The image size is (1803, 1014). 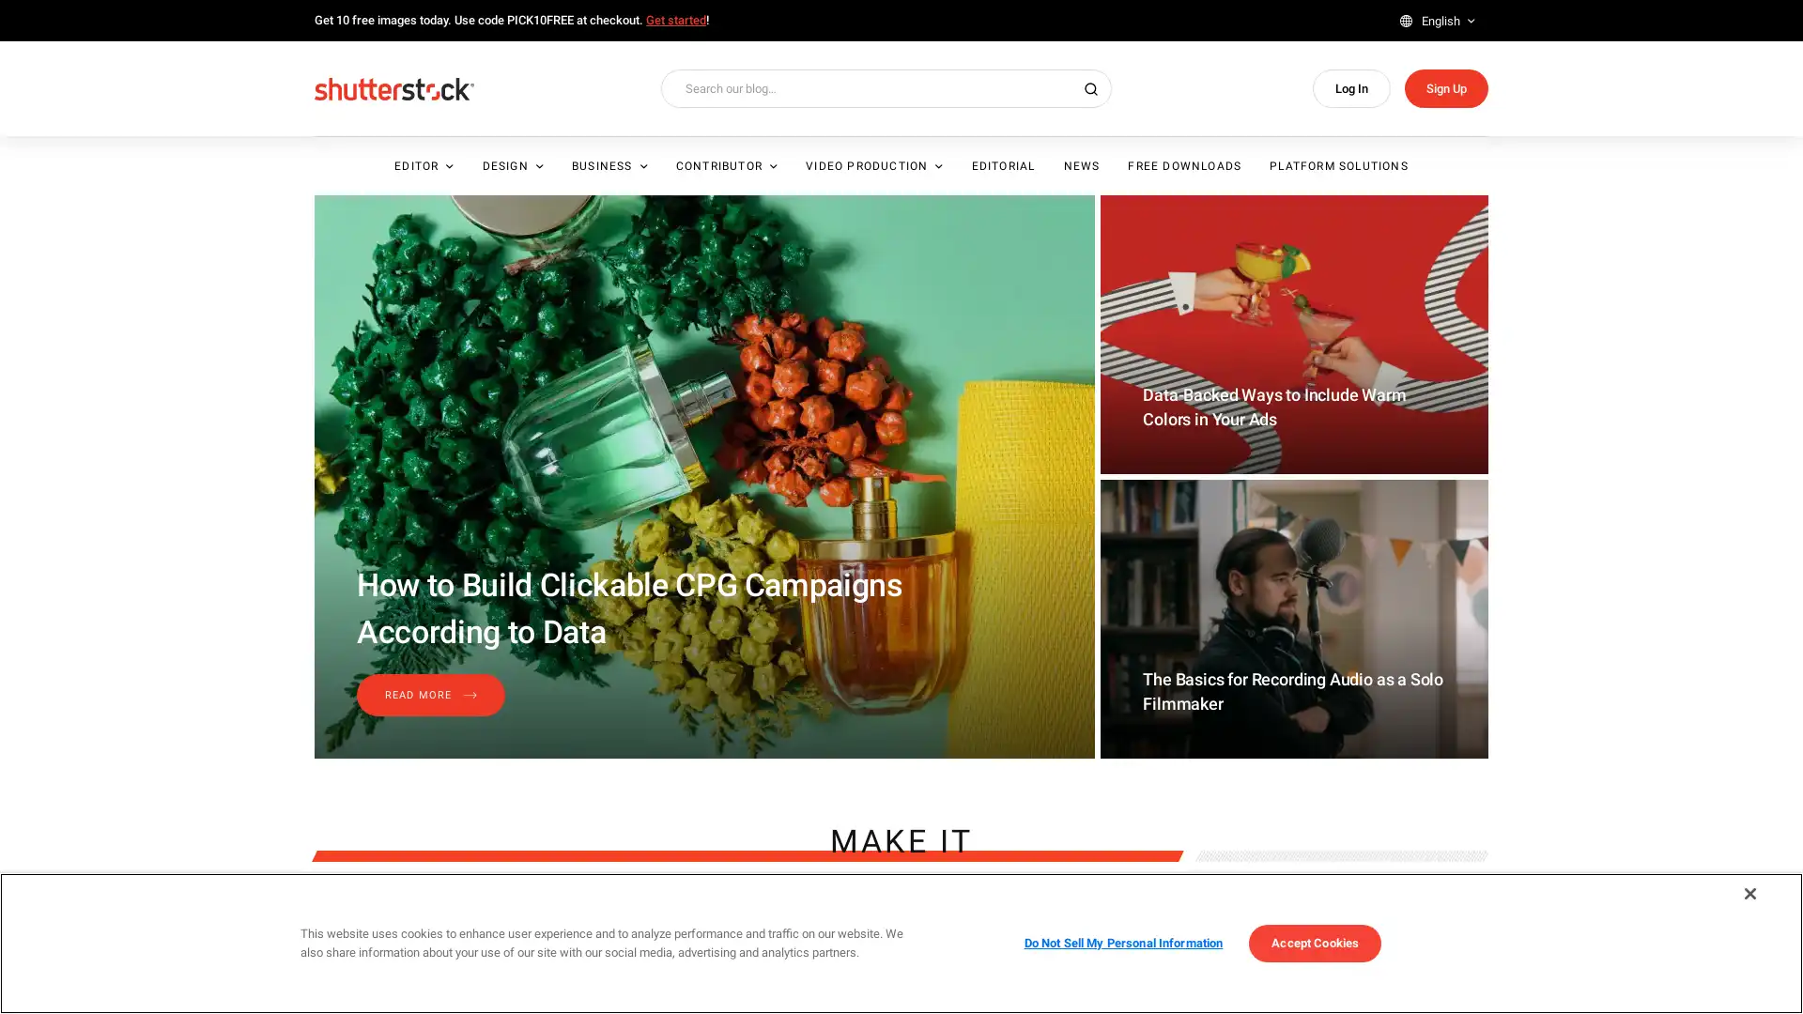 I want to click on Search, so click(x=1090, y=88).